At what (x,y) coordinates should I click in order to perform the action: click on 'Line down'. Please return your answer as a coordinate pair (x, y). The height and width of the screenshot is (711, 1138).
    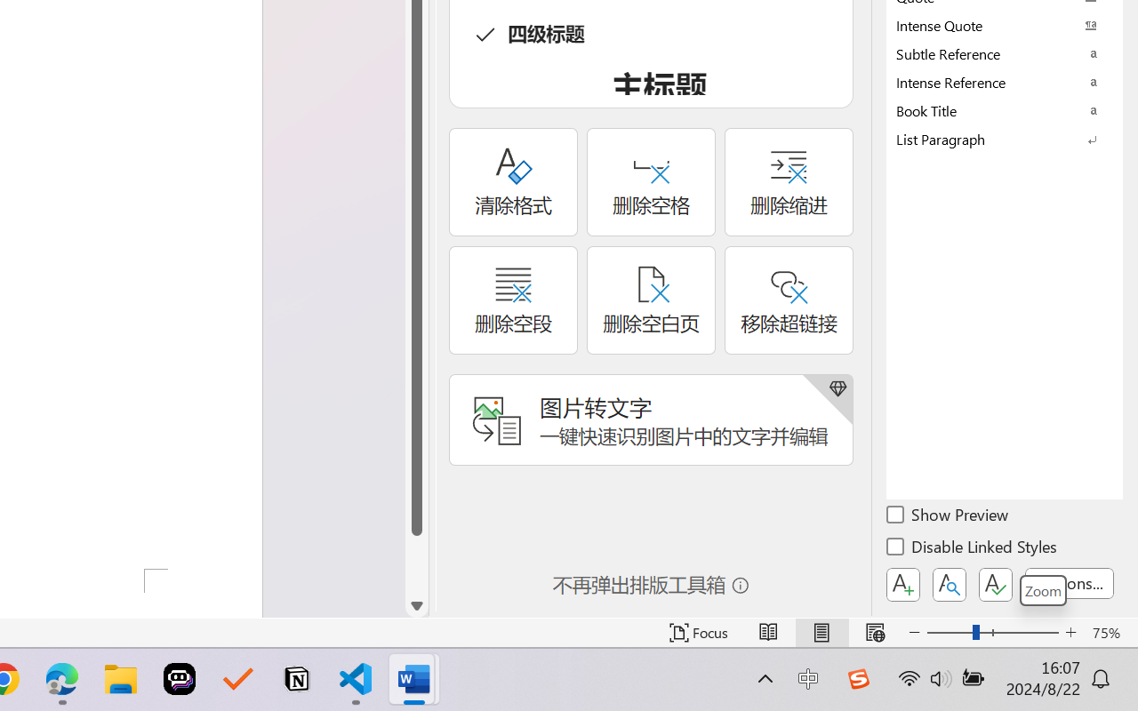
    Looking at the image, I should click on (416, 606).